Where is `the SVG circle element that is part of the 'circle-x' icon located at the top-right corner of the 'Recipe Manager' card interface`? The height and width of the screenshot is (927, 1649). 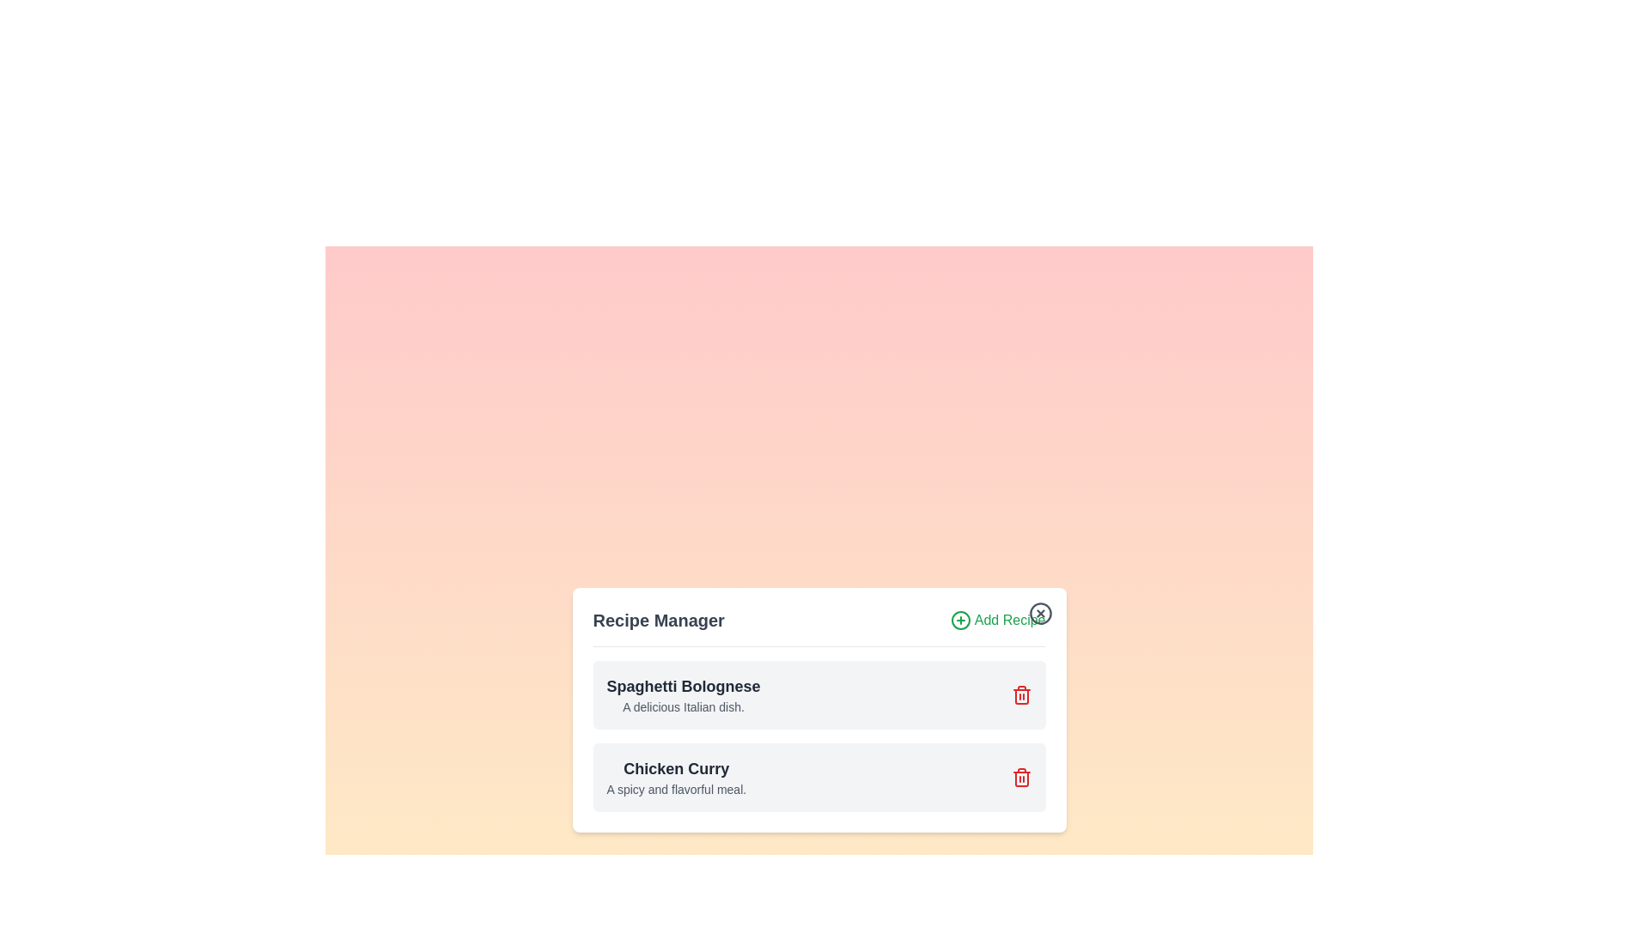
the SVG circle element that is part of the 'circle-x' icon located at the top-right corner of the 'Recipe Manager' card interface is located at coordinates (1039, 612).